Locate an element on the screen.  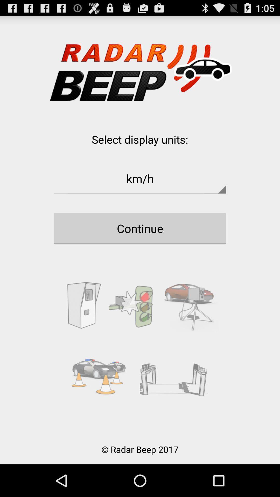
item above continue is located at coordinates (140, 178).